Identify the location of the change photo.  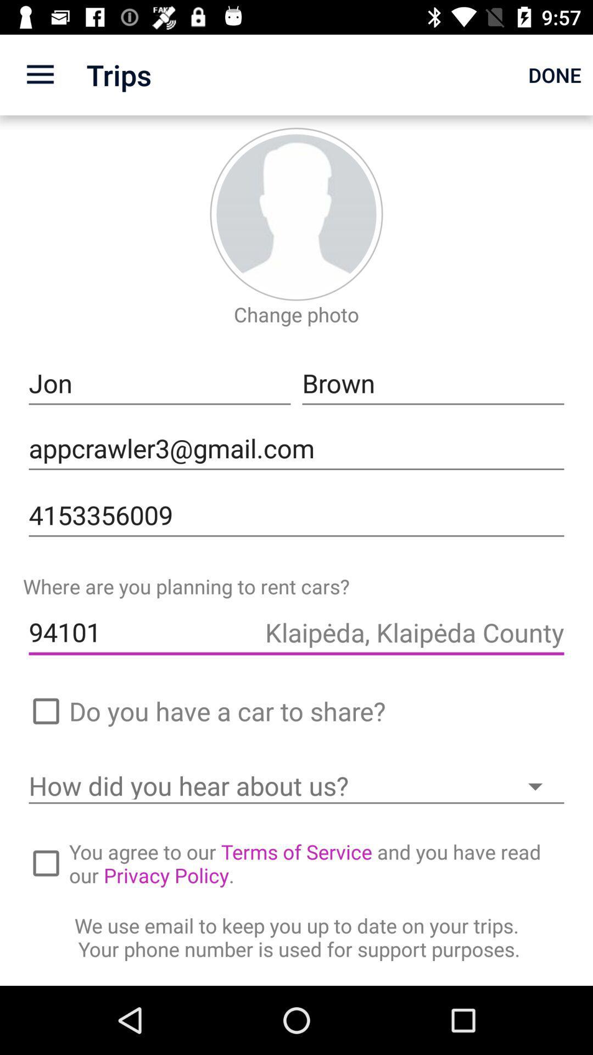
(296, 314).